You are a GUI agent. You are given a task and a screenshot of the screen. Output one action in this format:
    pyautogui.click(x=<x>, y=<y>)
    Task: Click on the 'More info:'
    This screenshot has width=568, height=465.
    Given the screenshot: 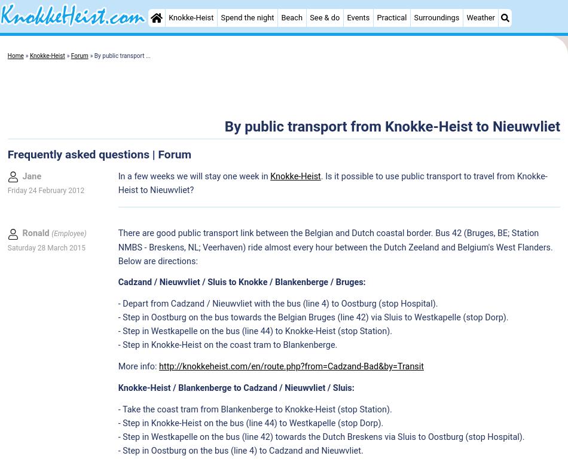 What is the action you would take?
    pyautogui.click(x=138, y=366)
    